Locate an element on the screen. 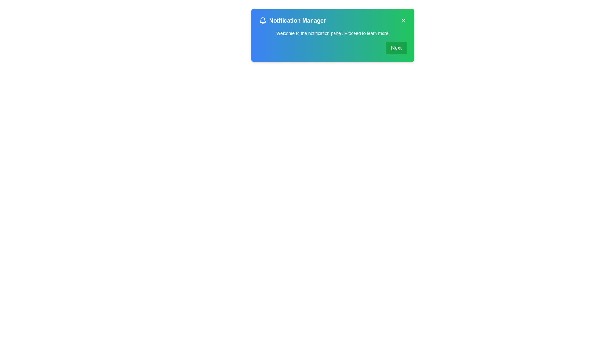 This screenshot has width=611, height=344. the alert's title and icon for observation is located at coordinates (292, 20).